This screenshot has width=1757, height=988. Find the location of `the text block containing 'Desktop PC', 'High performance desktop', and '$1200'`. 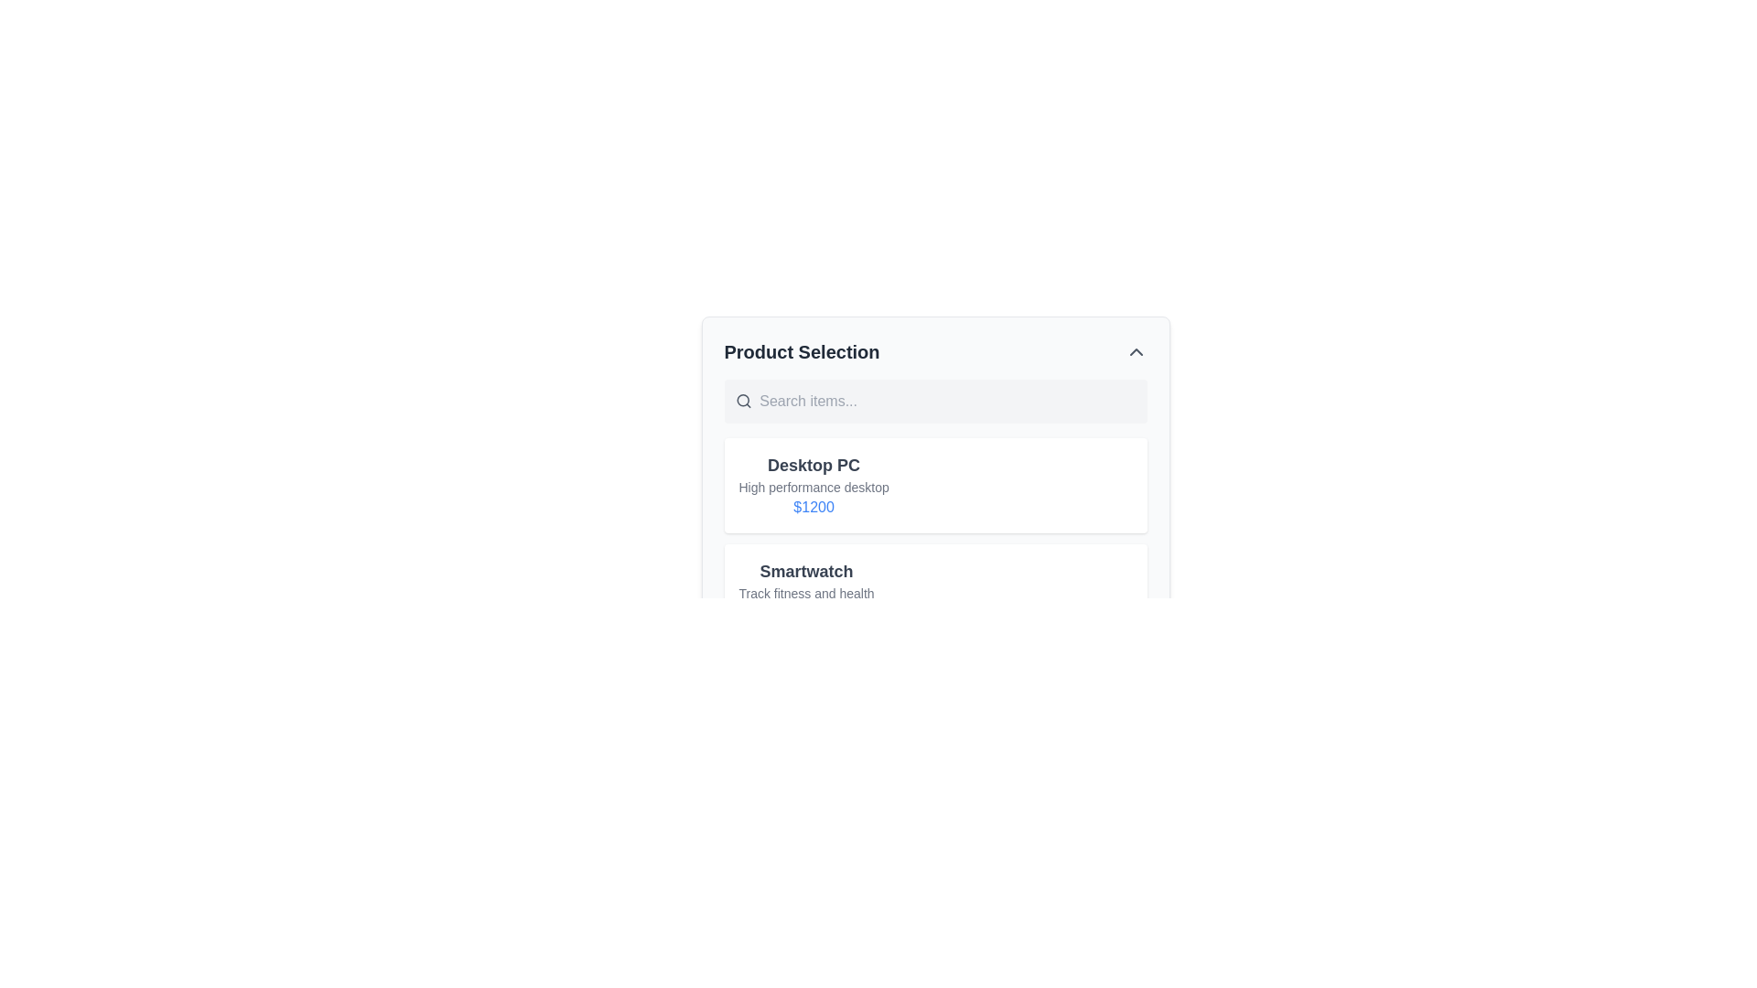

the text block containing 'Desktop PC', 'High performance desktop', and '$1200' is located at coordinates (813, 485).